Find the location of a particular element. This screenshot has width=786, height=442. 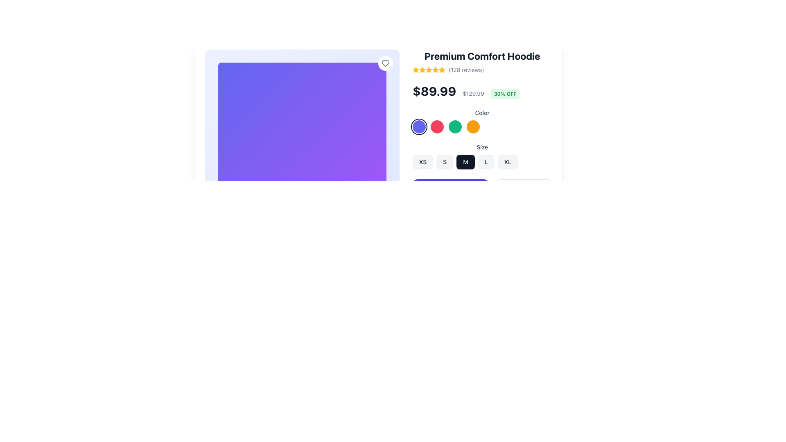

the Text and icons display that shows the product's average rating and total number of reviews located below the title 'Premium Comfort Hoodie' is located at coordinates (482, 69).